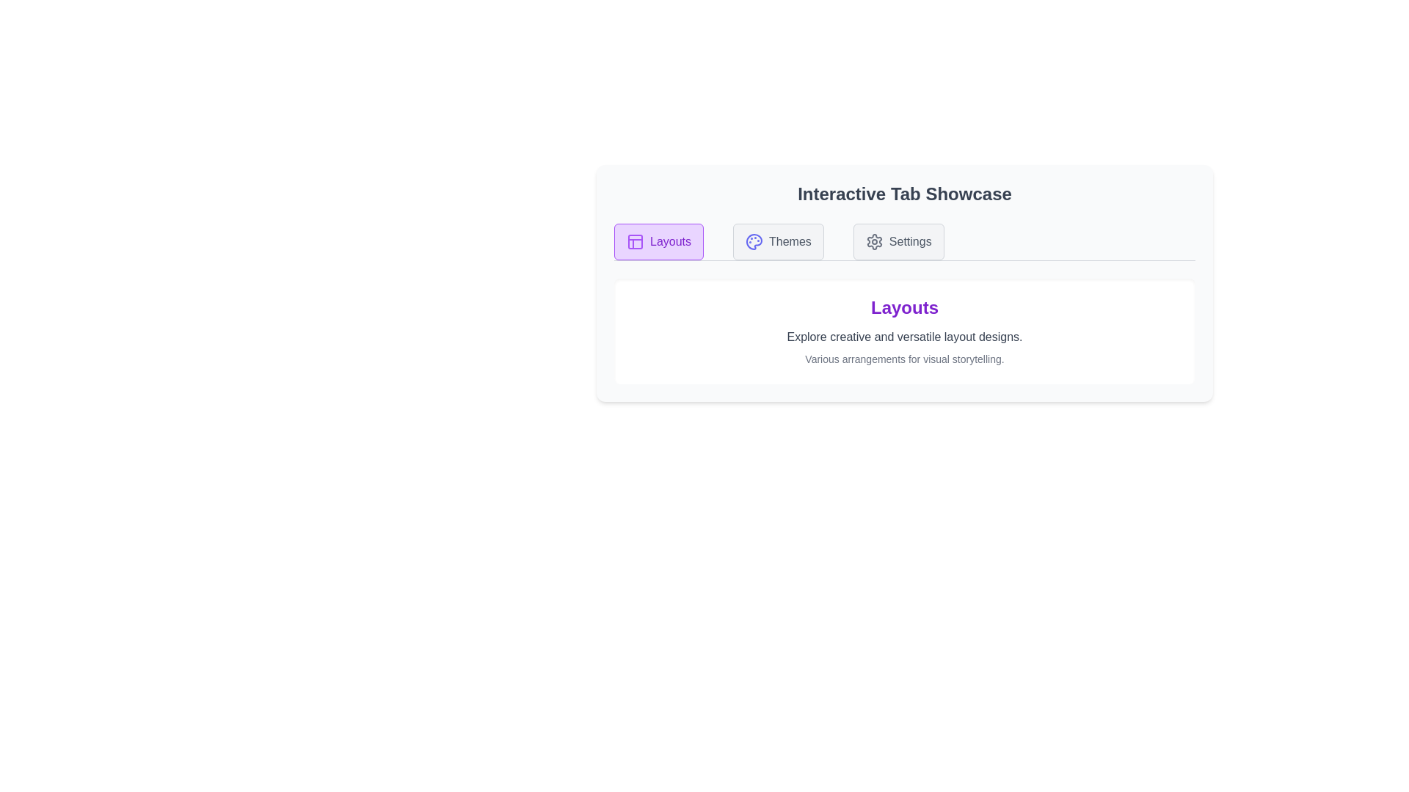 The width and height of the screenshot is (1409, 792). What do you see at coordinates (777, 241) in the screenshot?
I see `the Themes tab` at bounding box center [777, 241].